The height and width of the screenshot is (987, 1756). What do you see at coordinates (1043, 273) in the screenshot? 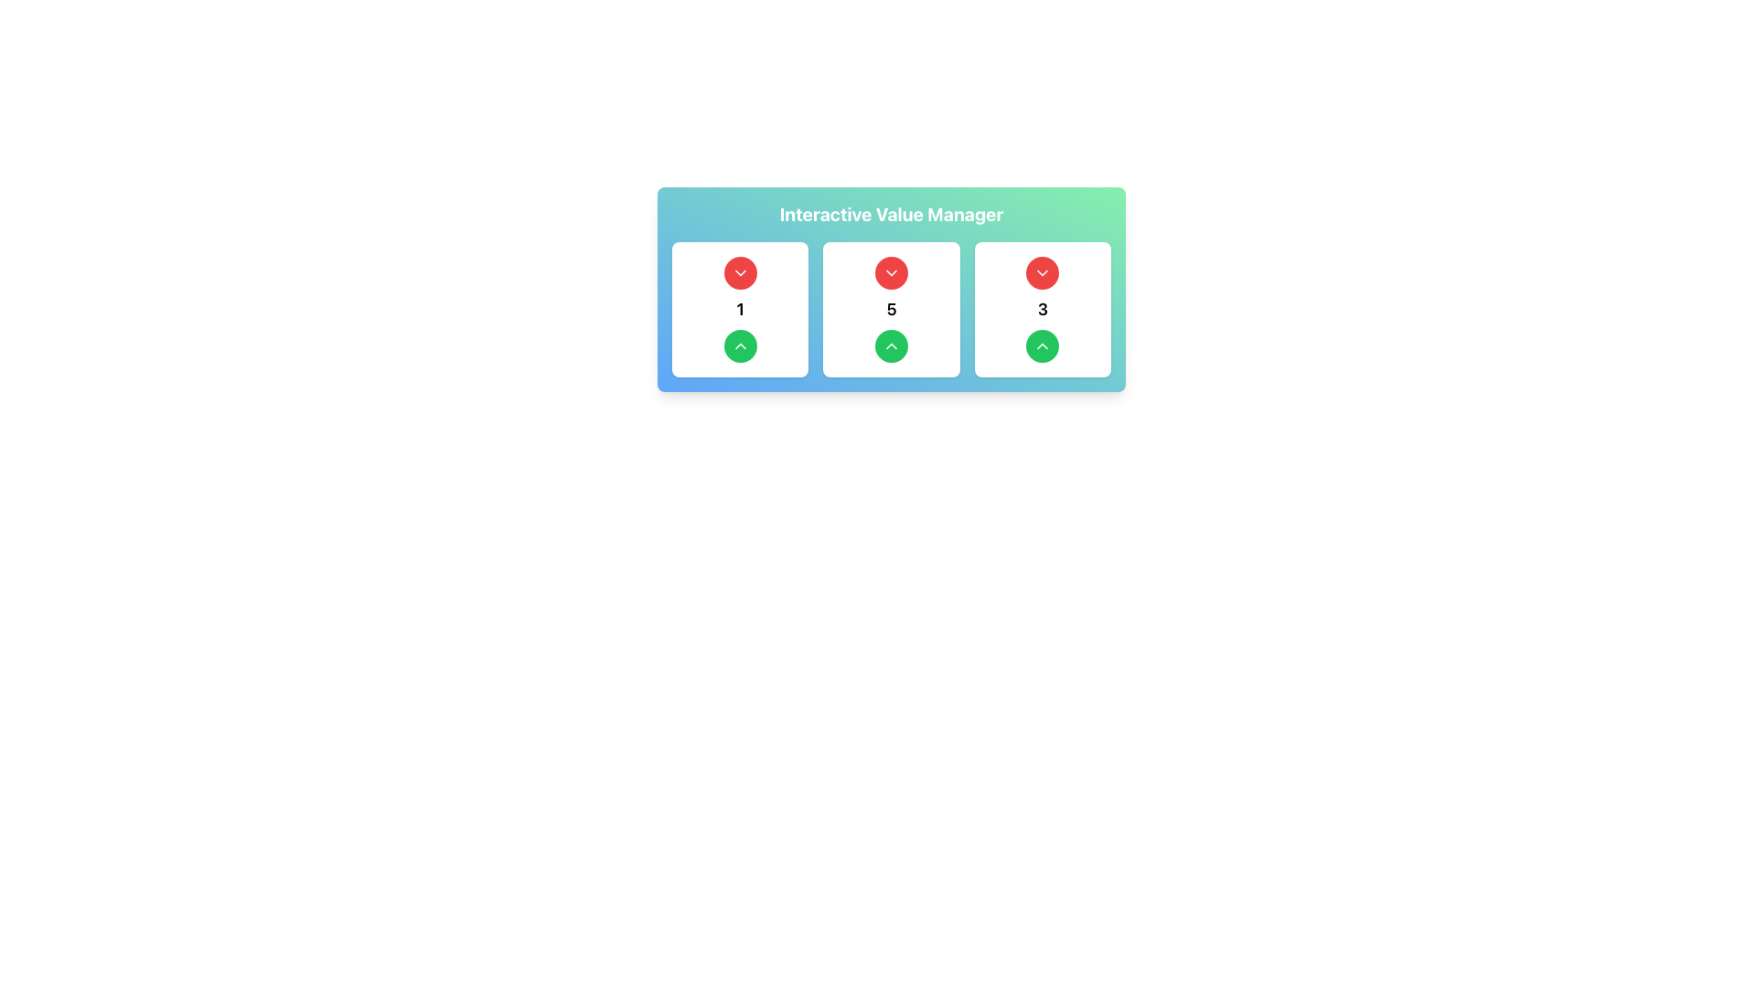
I see `the circular red button with a white down-chevron icon located in the rightmost box, positioned above the value '3' and below the box title, to observe the hover effect` at bounding box center [1043, 273].